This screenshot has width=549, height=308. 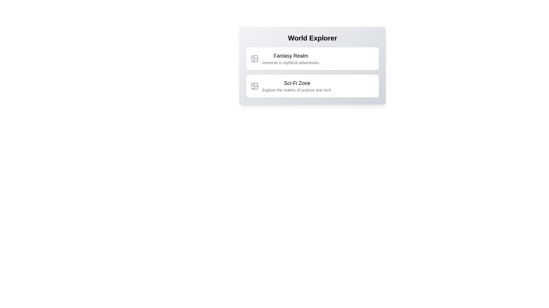 I want to click on the rectangular icon component that serves as the background of the 'Sci-Fi Zone' menu entry for its symbolic meaning, so click(x=254, y=86).